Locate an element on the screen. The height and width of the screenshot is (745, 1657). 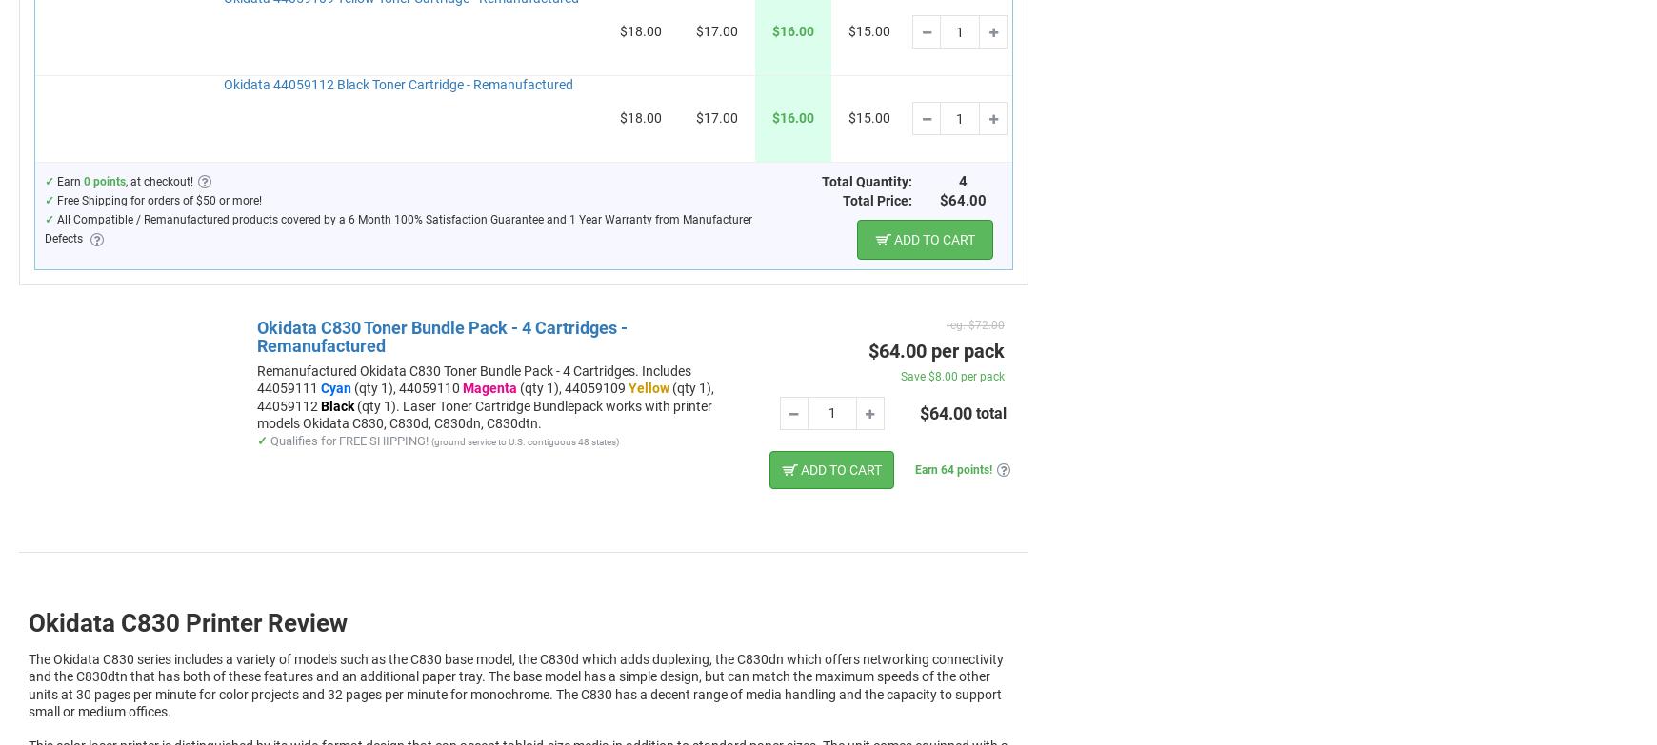
'Total Quantity:' is located at coordinates (866, 181).